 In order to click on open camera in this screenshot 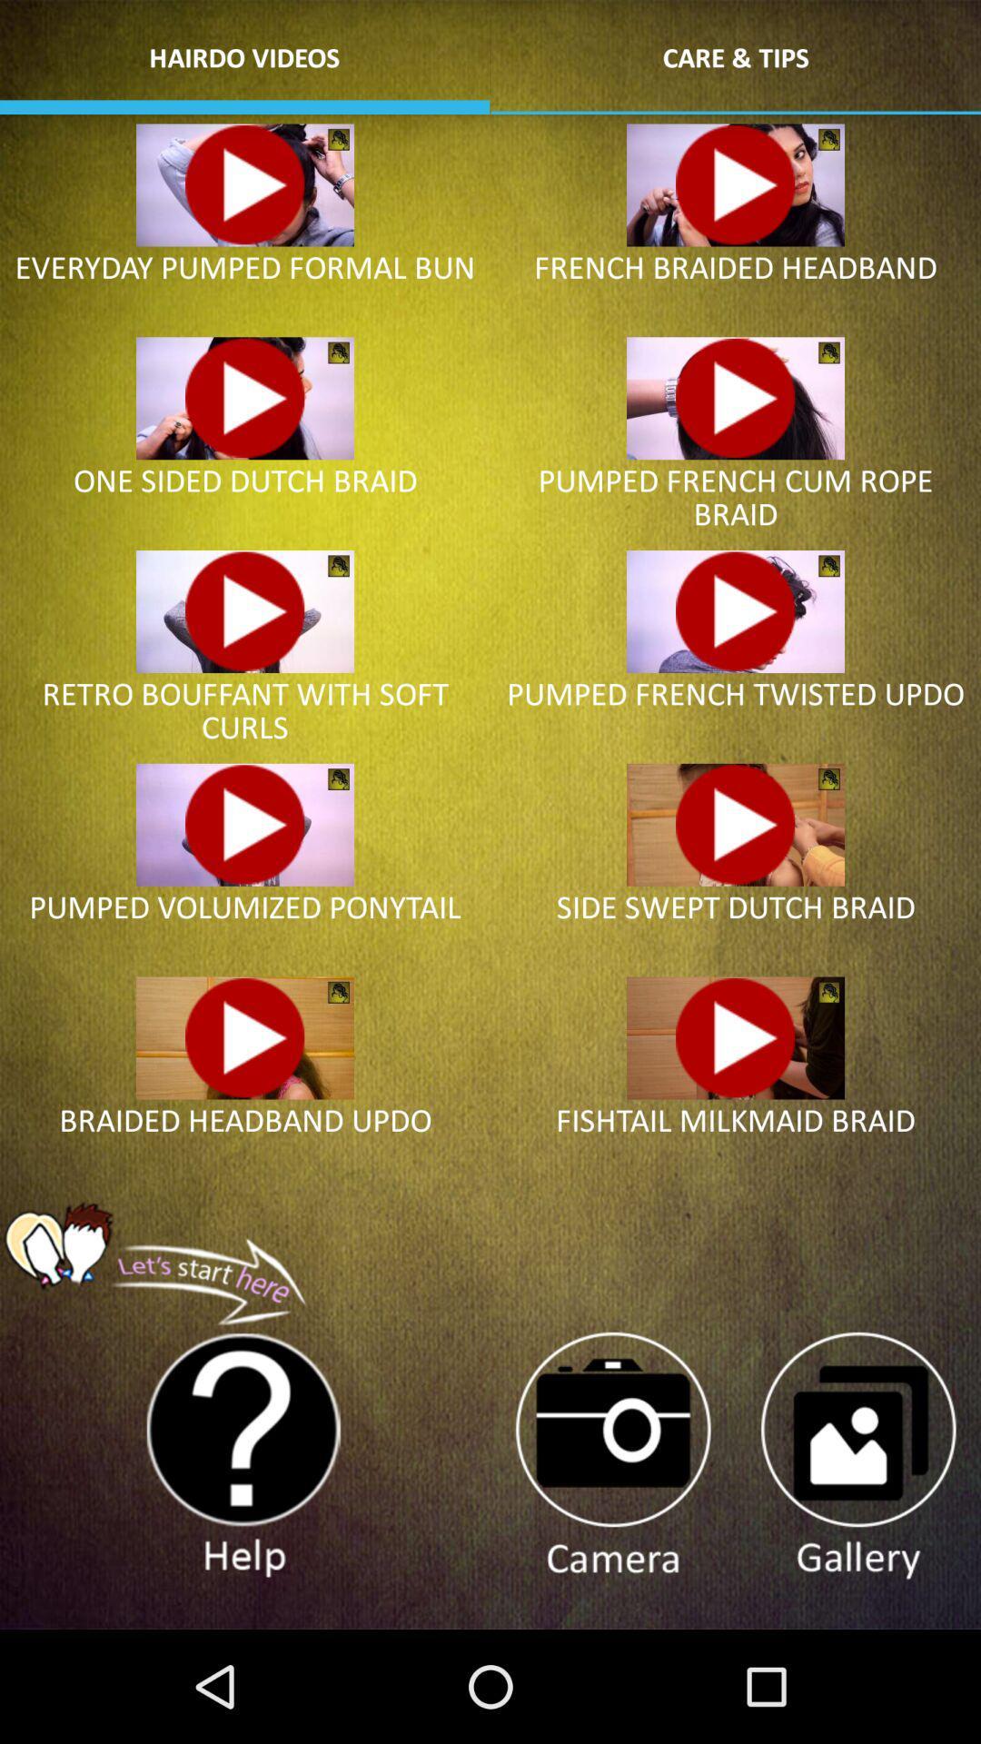, I will do `click(612, 1456)`.